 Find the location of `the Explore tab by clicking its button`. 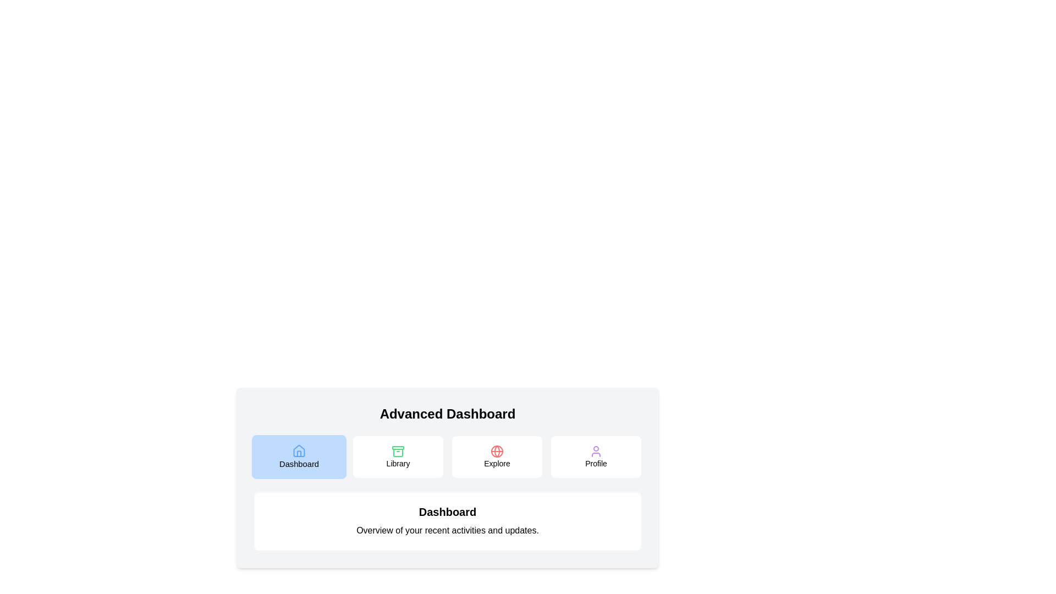

the Explore tab by clicking its button is located at coordinates (496, 457).